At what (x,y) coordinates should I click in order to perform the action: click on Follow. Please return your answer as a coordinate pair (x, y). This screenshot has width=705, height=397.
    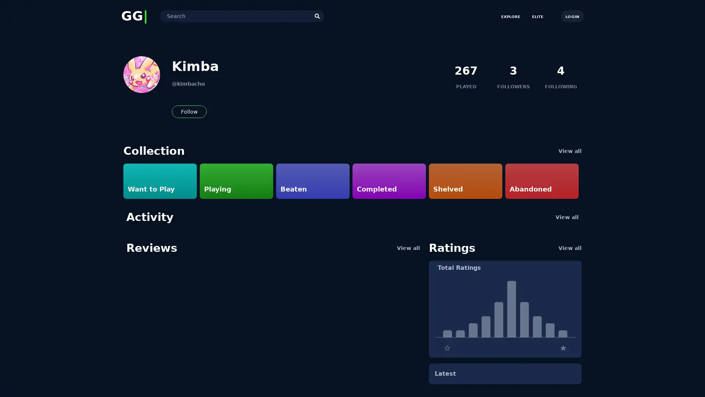
    Looking at the image, I should click on (189, 112).